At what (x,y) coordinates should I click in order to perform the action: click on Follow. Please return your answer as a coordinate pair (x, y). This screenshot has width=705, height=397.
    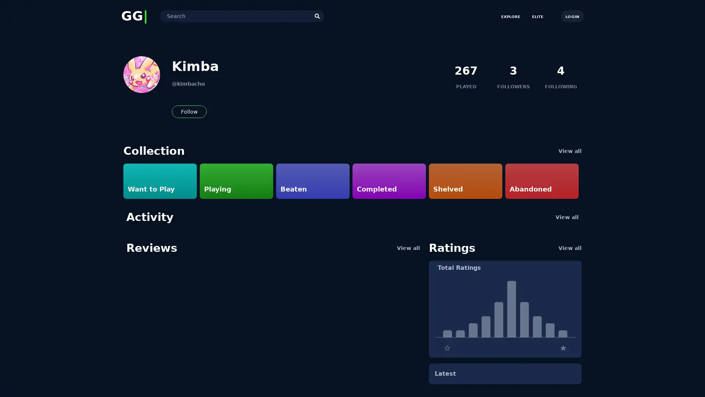
    Looking at the image, I should click on (189, 112).